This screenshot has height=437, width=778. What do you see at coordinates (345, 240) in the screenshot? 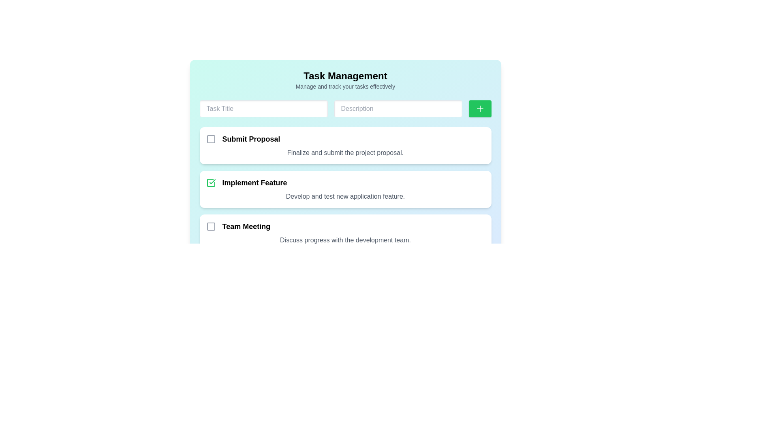
I see `the Text Label displaying 'Discuss progress with the development team.' located under the 'Team Meeting' heading` at bounding box center [345, 240].